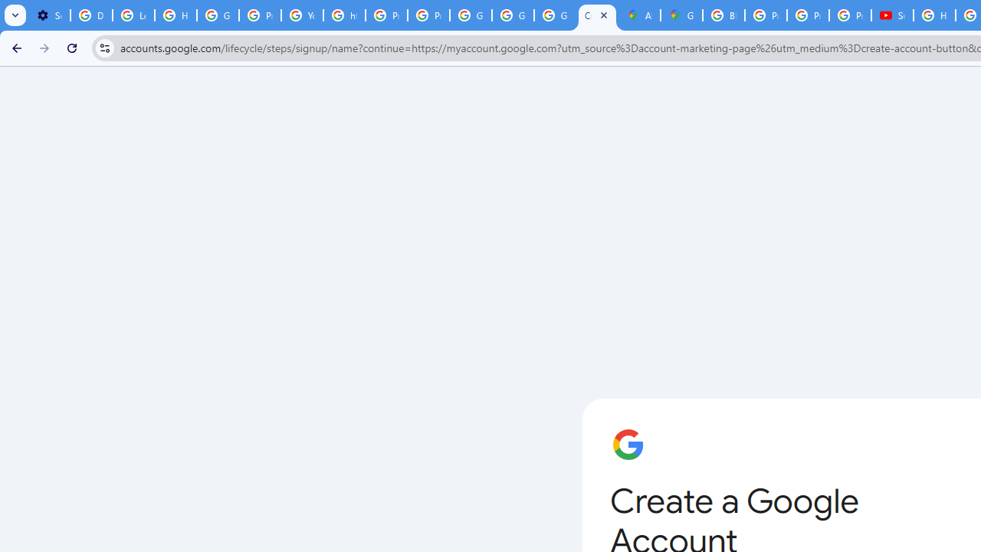 The width and height of the screenshot is (981, 552). I want to click on 'Settings - Customize profile', so click(49, 15).